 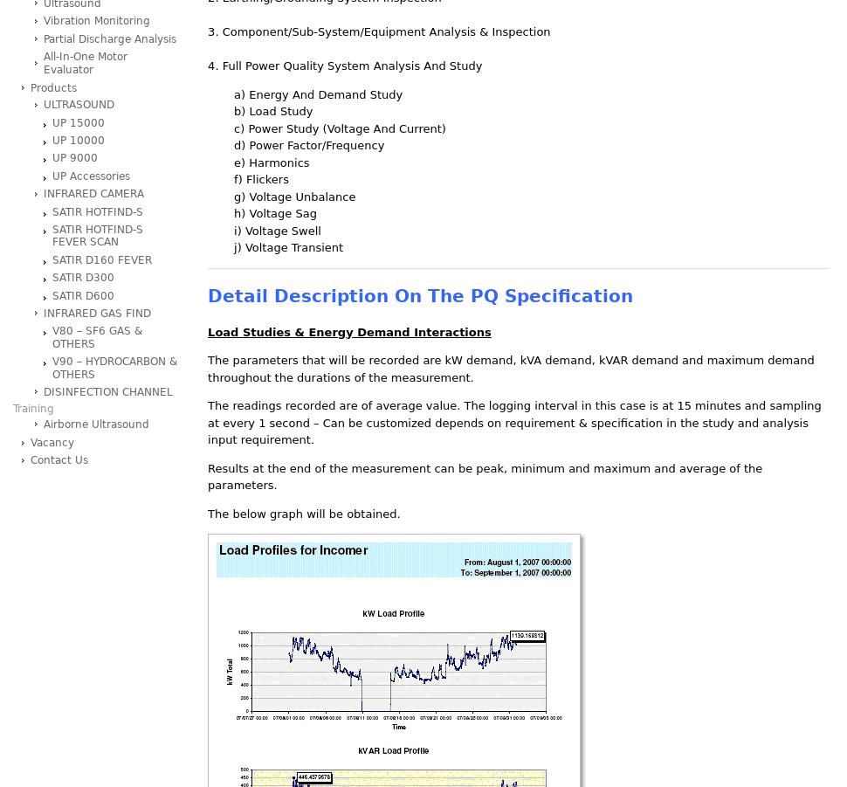 I want to click on 'The below graph will be obtained.', so click(x=303, y=512).